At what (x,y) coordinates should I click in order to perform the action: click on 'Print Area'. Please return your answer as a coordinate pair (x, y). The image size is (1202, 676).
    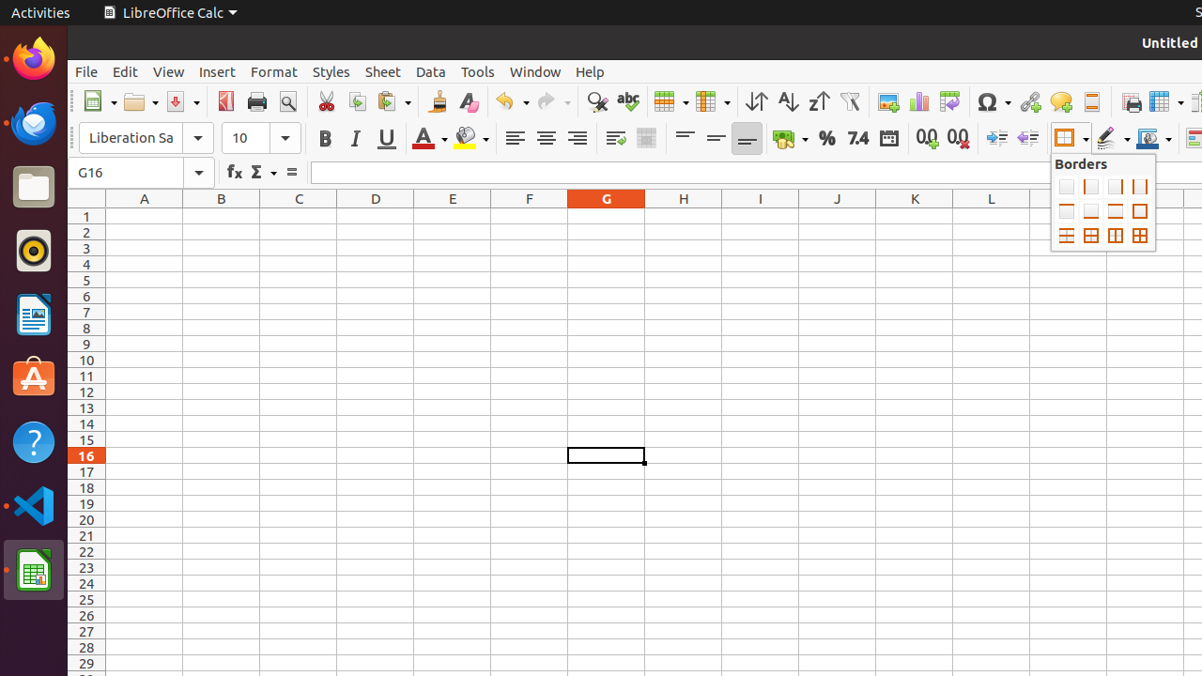
    Looking at the image, I should click on (1129, 101).